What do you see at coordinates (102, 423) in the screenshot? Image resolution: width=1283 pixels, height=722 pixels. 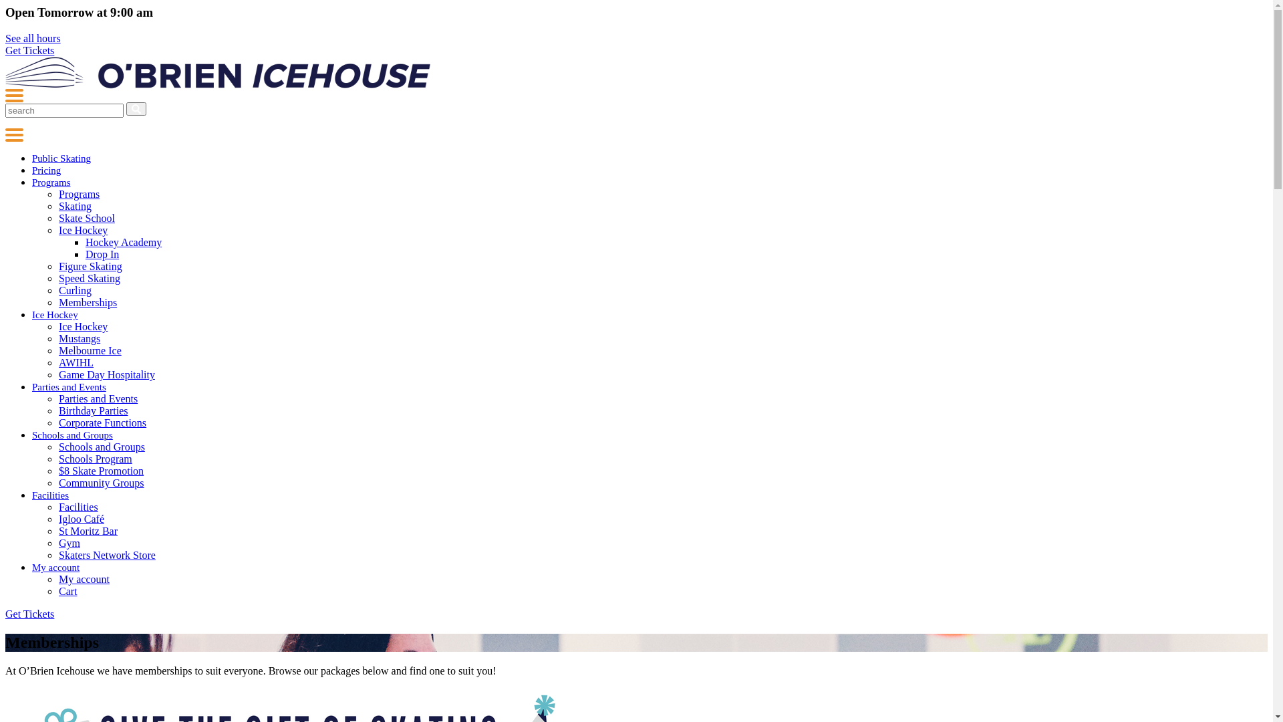 I see `'Corporate Functions'` at bounding box center [102, 423].